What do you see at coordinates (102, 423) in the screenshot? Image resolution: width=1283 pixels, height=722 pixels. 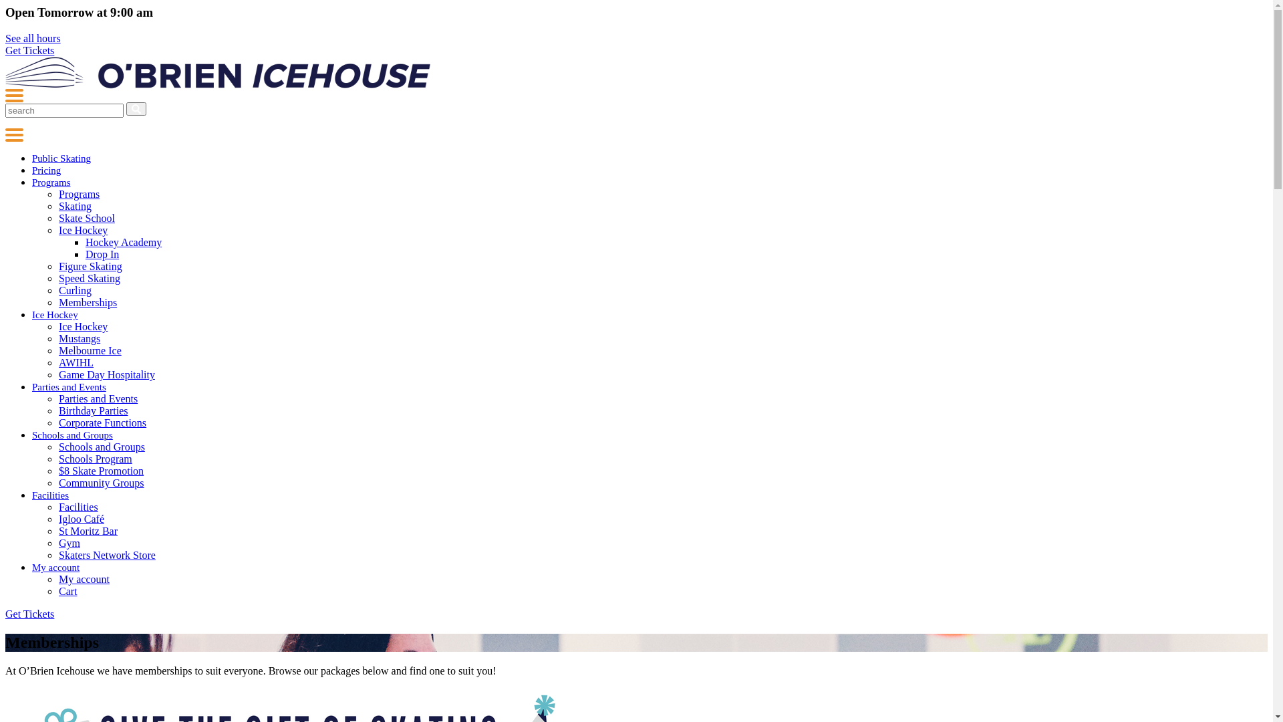 I see `'Corporate Functions'` at bounding box center [102, 423].